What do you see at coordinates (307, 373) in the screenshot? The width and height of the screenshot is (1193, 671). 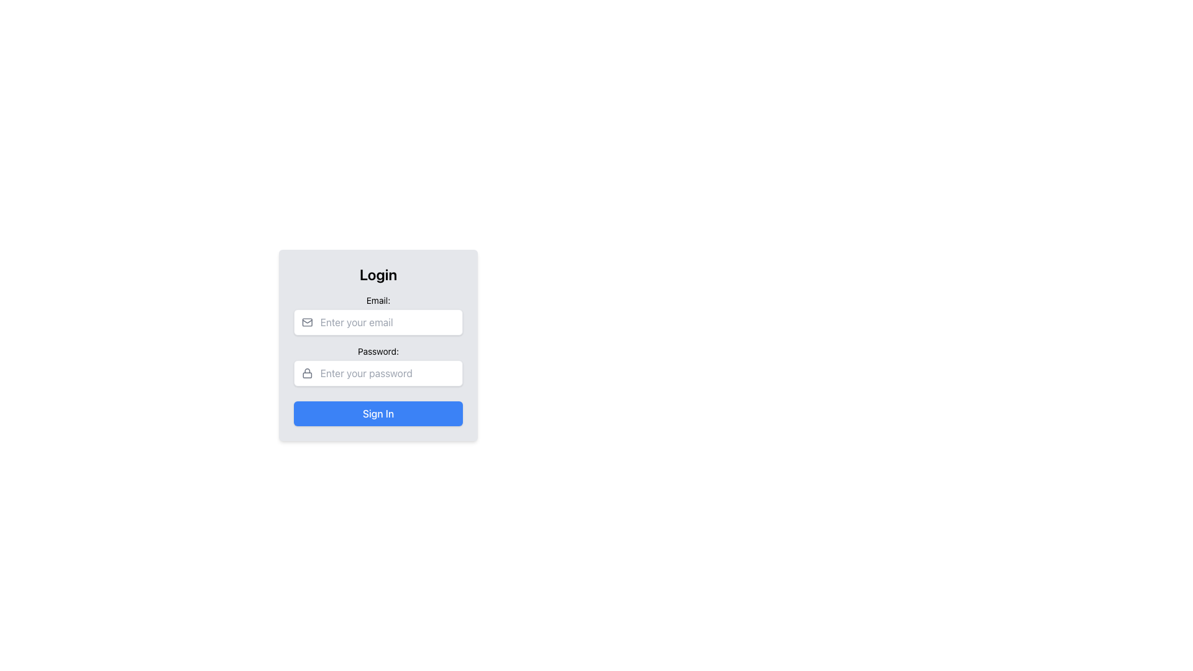 I see `the gray lock icon located on the left side of the password input field within the login form, indicating the secure nature of the input` at bounding box center [307, 373].